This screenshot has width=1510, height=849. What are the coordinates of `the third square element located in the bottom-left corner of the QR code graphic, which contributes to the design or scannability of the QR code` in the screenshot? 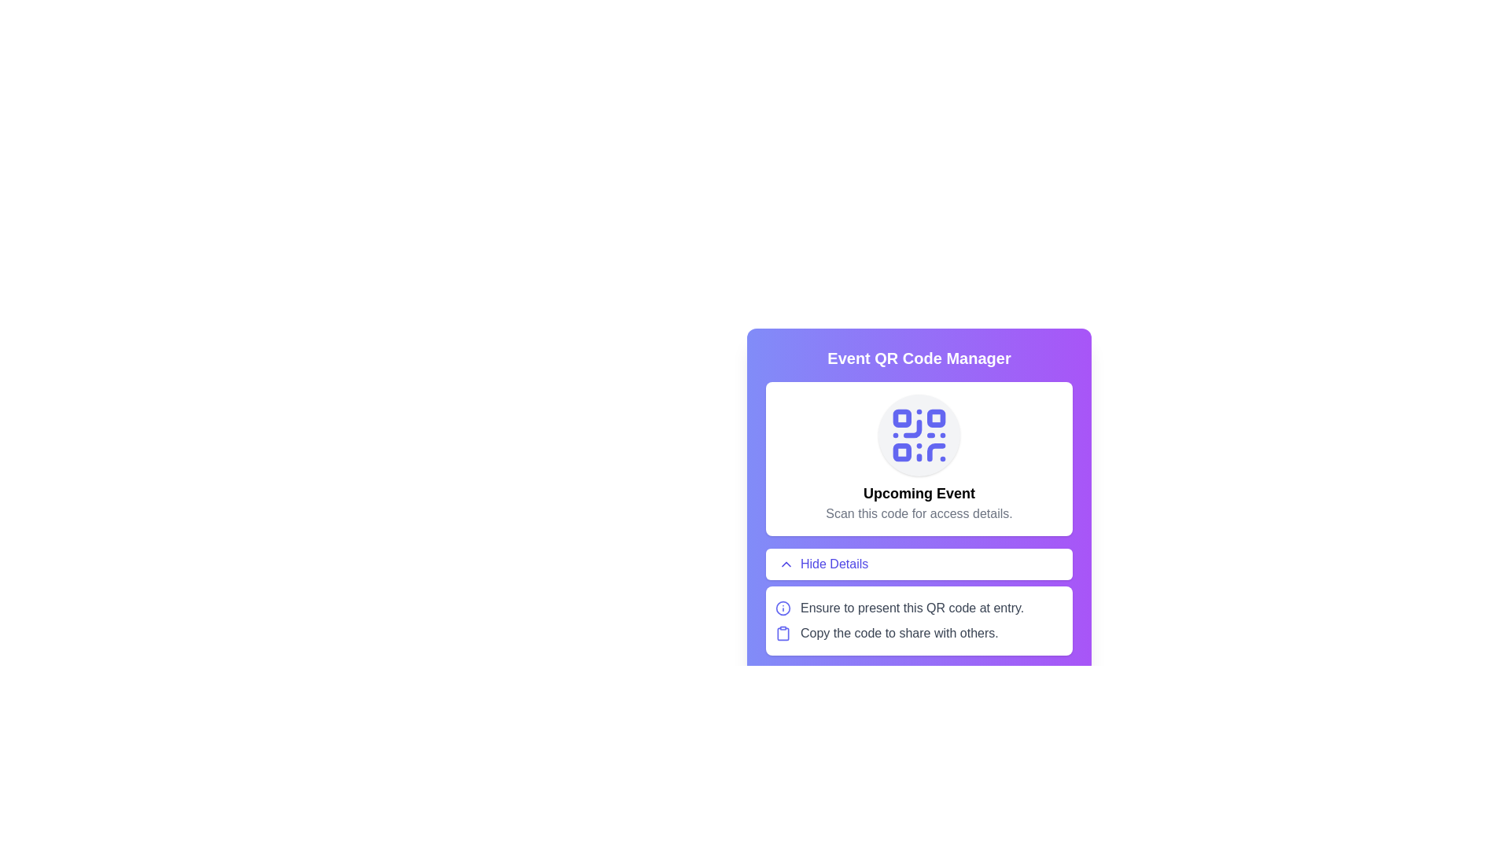 It's located at (902, 452).